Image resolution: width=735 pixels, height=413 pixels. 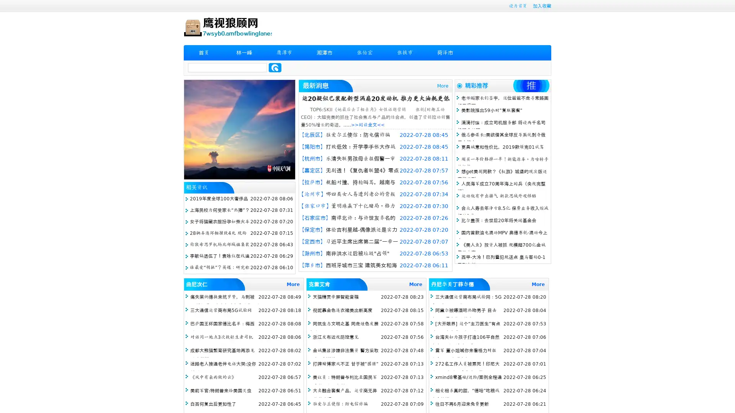 I want to click on Search, so click(x=275, y=67).